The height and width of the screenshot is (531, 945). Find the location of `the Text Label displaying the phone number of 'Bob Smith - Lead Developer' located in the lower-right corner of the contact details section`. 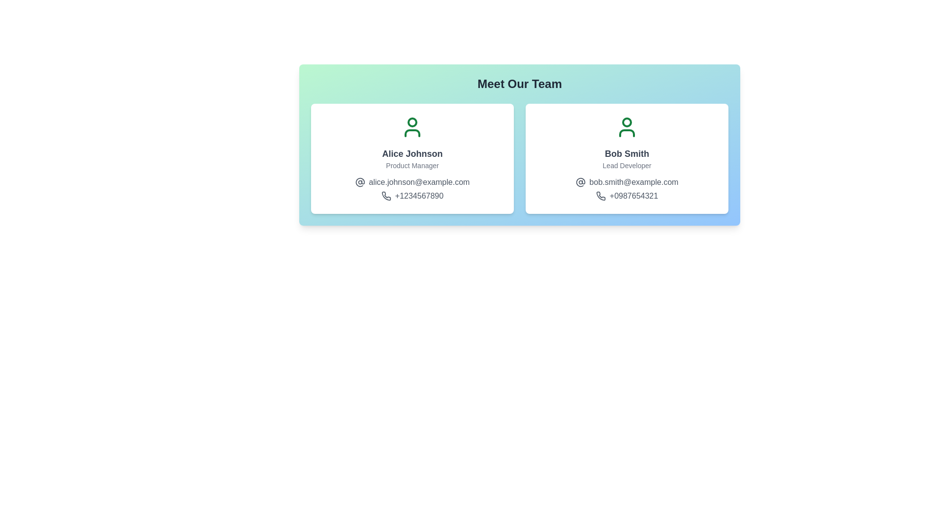

the Text Label displaying the phone number of 'Bob Smith - Lead Developer' located in the lower-right corner of the contact details section is located at coordinates (633, 196).